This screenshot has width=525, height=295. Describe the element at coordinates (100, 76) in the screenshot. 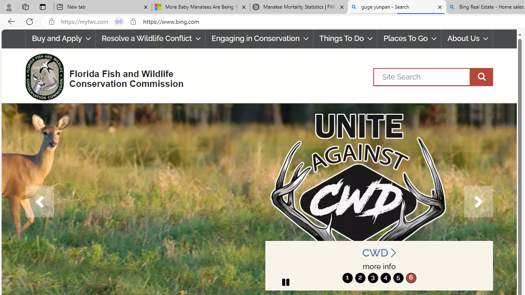

I see `'FWC Logo Florida Fish and Wildlife Conservation Commission'` at that location.